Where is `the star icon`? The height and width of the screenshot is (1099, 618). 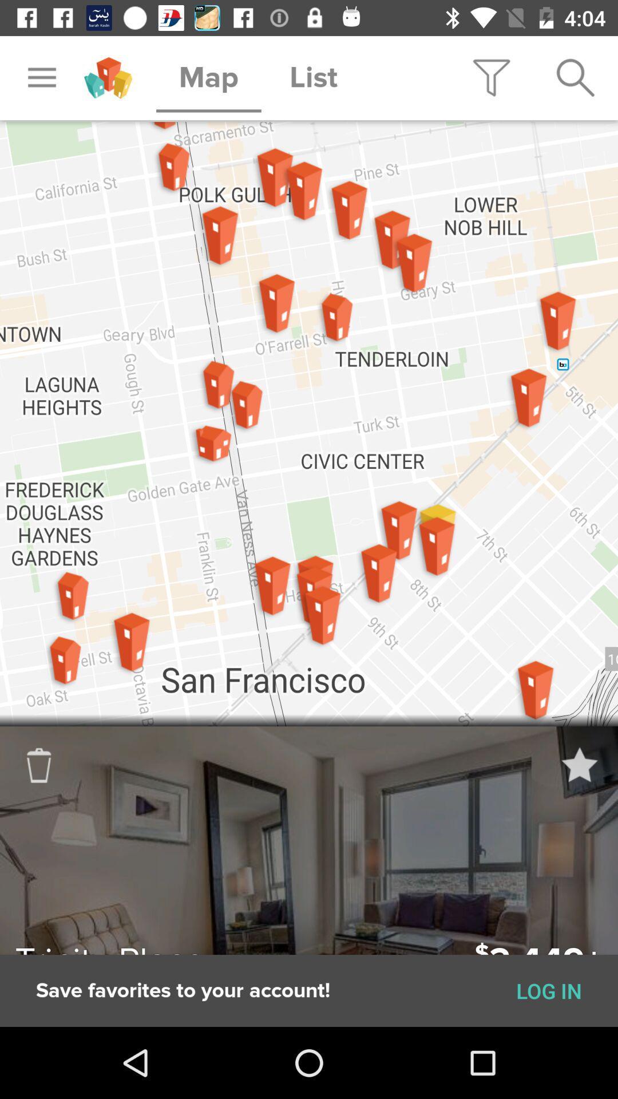
the star icon is located at coordinates (579, 765).